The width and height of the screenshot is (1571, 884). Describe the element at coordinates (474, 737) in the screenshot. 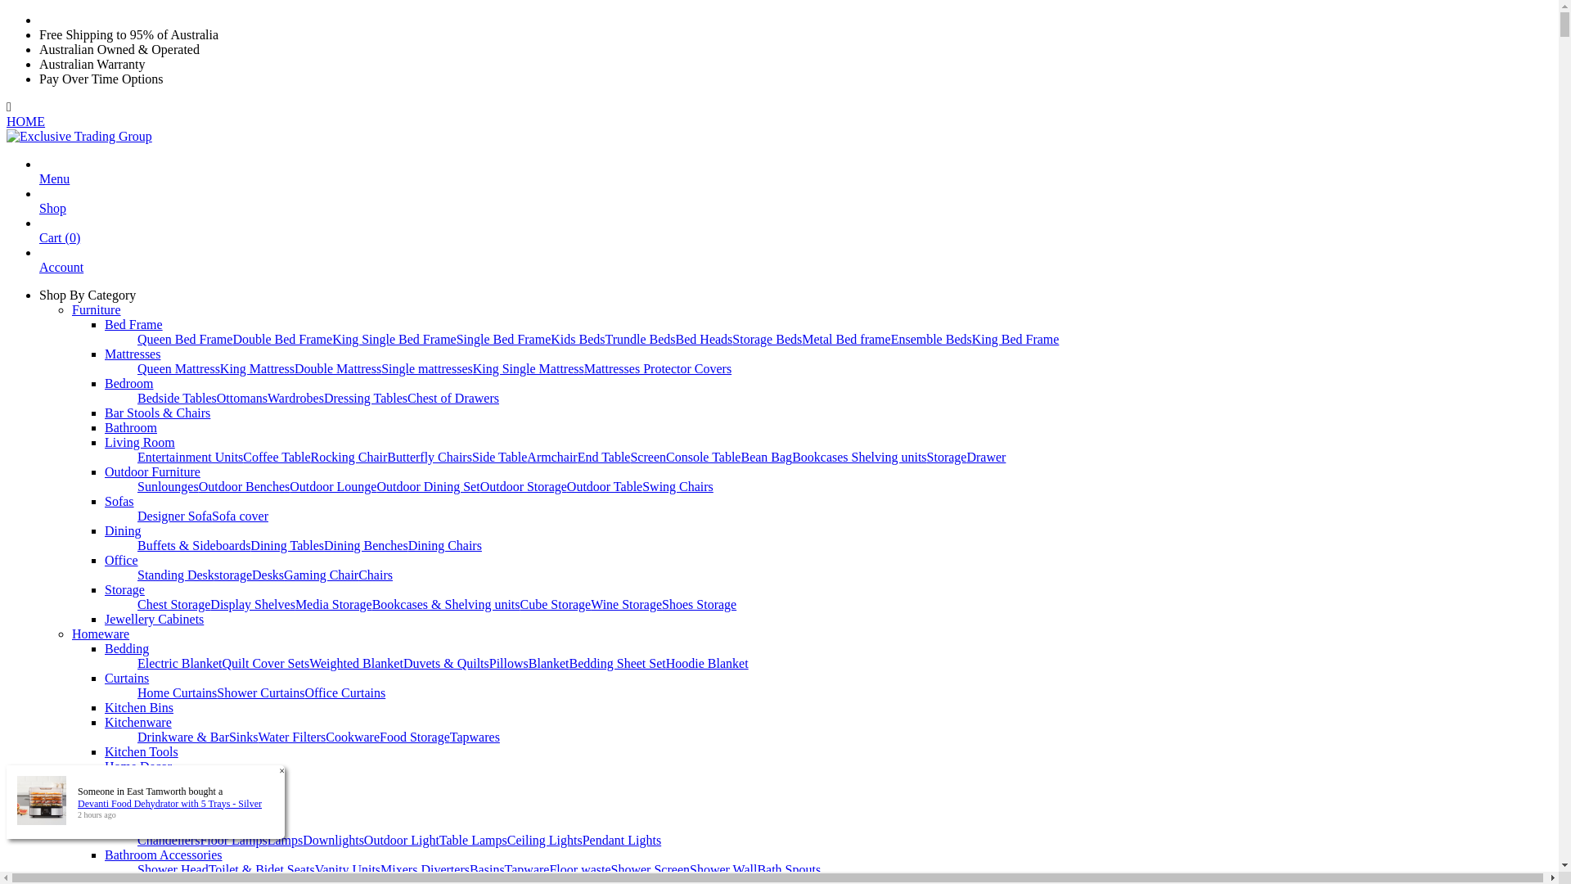

I see `'Tapwares'` at that location.